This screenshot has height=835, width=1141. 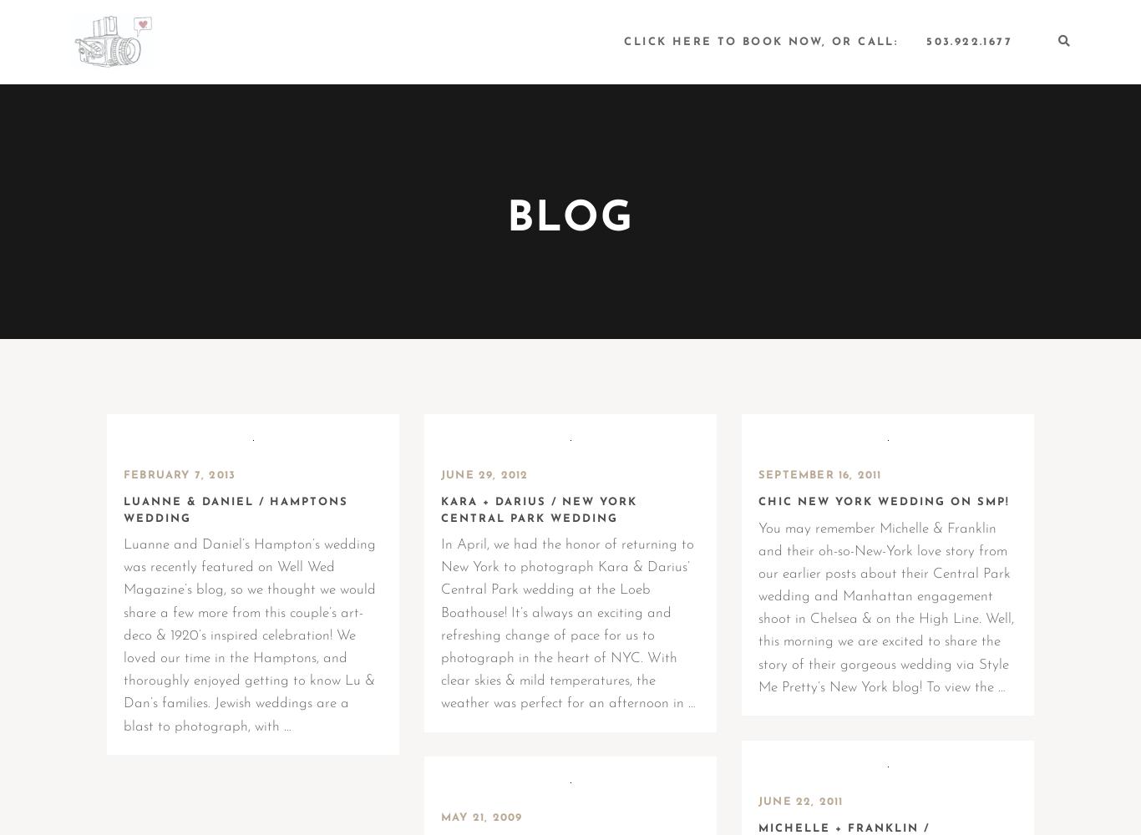 What do you see at coordinates (567, 623) in the screenshot?
I see `'In April, we had the honor of returning to New York to photograph Kara & Darius’ Central Park wedding at the Loeb Boathouse! It’s always an exciting and refreshing change of pace for us to photograph in the heart of NYC. With clear skies & mild temperatures, the weather was perfect for an afternoon in …'` at bounding box center [567, 623].